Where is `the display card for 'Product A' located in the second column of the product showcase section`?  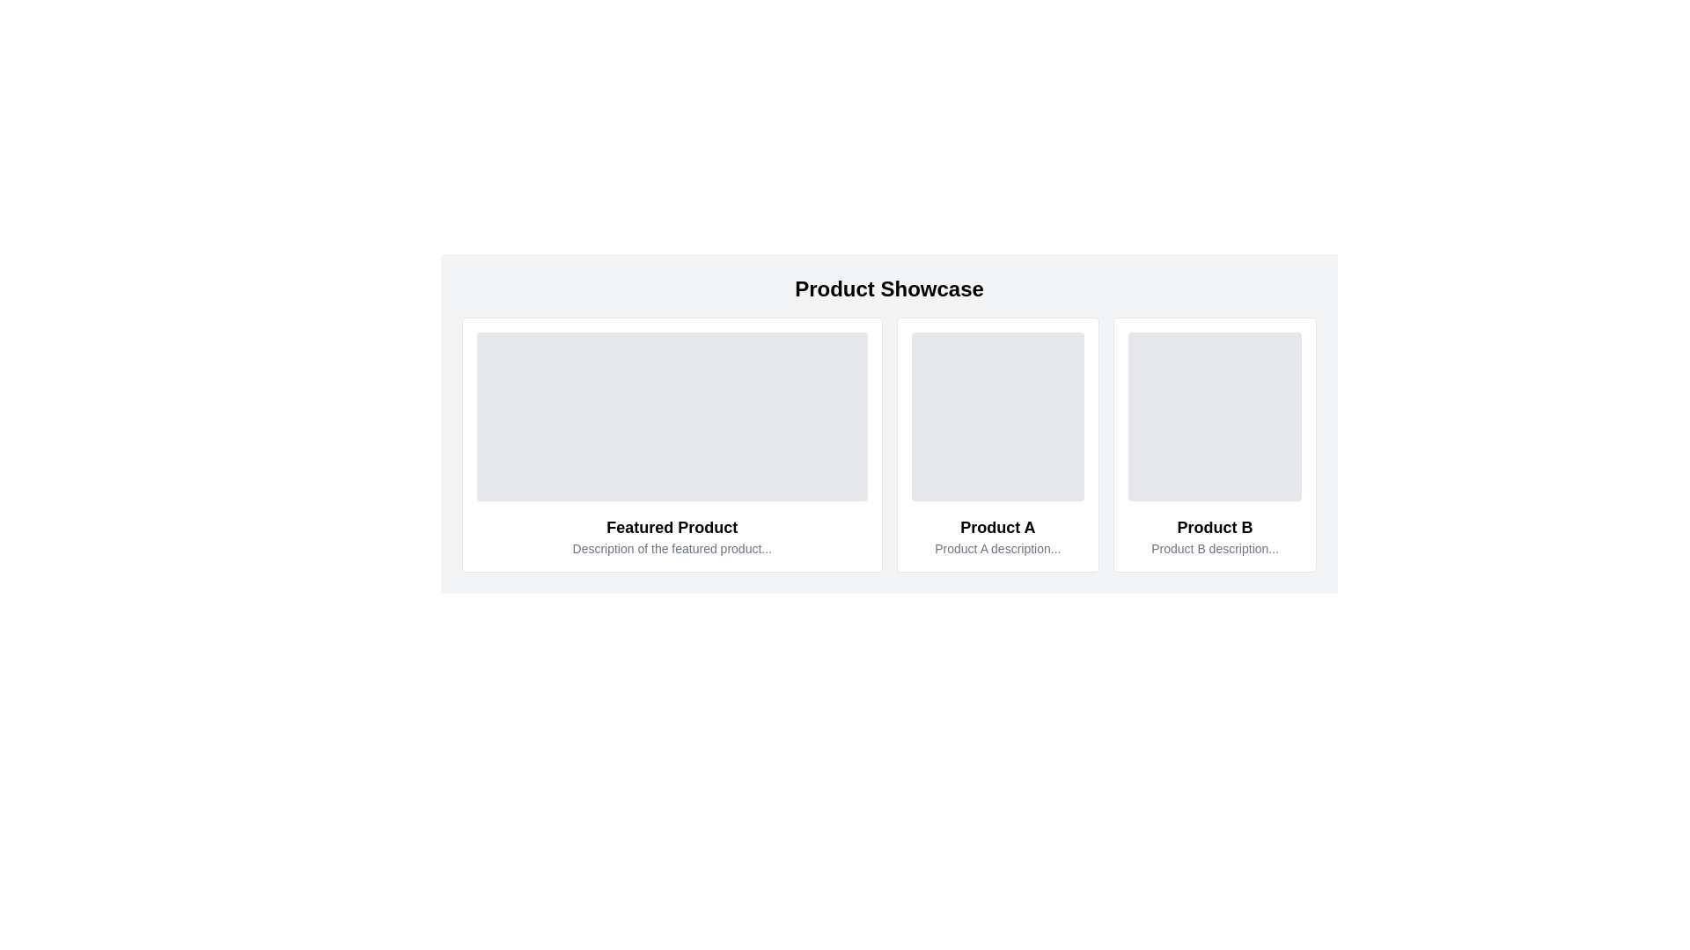 the display card for 'Product A' located in the second column of the product showcase section is located at coordinates (997, 443).